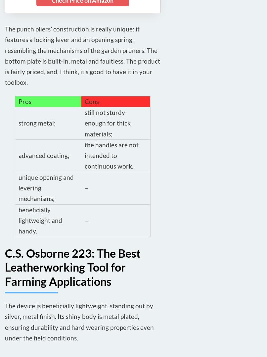 This screenshot has height=357, width=267. What do you see at coordinates (19, 187) in the screenshot?
I see `'unique opening and levering mechanisms;'` at bounding box center [19, 187].